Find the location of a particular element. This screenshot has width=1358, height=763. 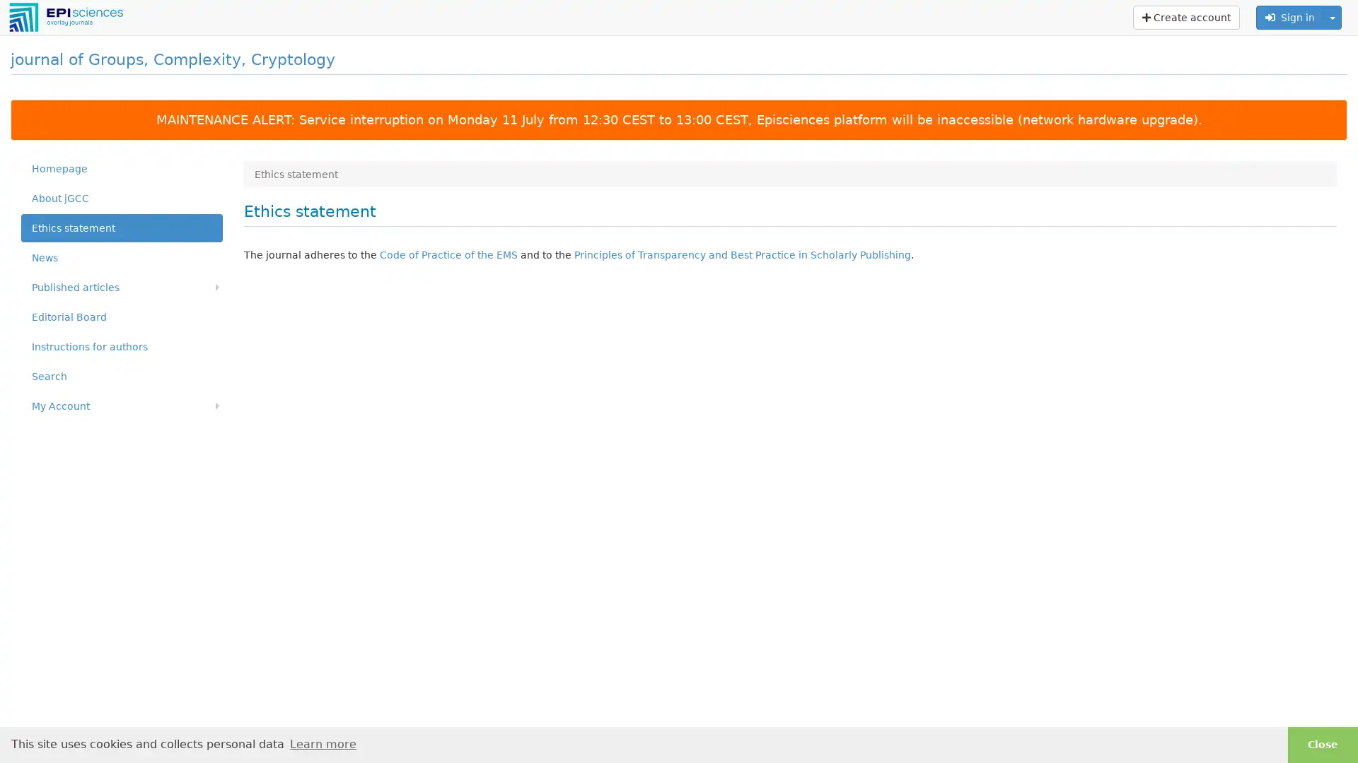

Sign in is located at coordinates (1290, 17).